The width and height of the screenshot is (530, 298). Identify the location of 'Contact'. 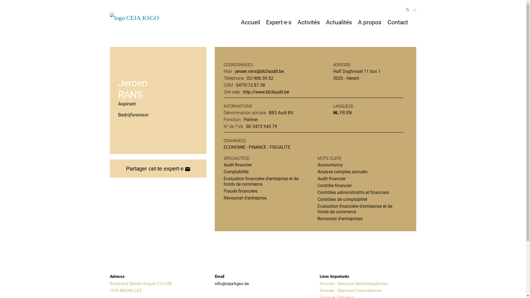
(397, 22).